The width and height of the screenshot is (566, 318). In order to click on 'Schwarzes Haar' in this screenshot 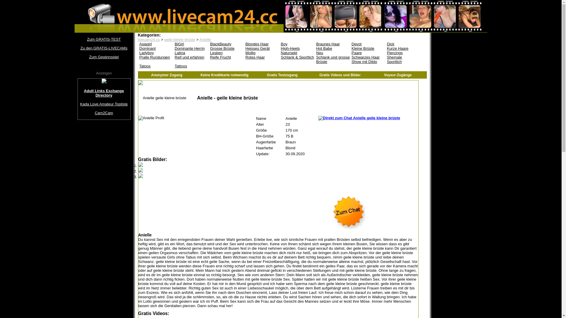, I will do `click(350, 57)`.